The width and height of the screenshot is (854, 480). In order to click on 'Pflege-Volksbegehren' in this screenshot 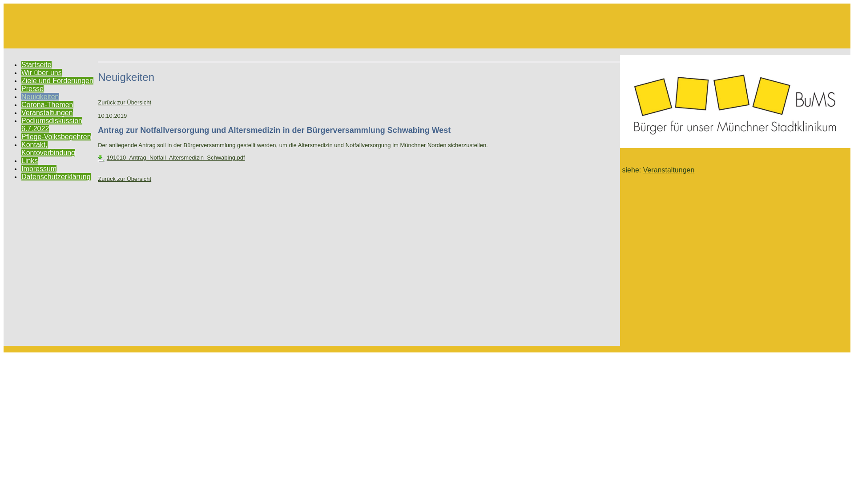, I will do `click(56, 136)`.